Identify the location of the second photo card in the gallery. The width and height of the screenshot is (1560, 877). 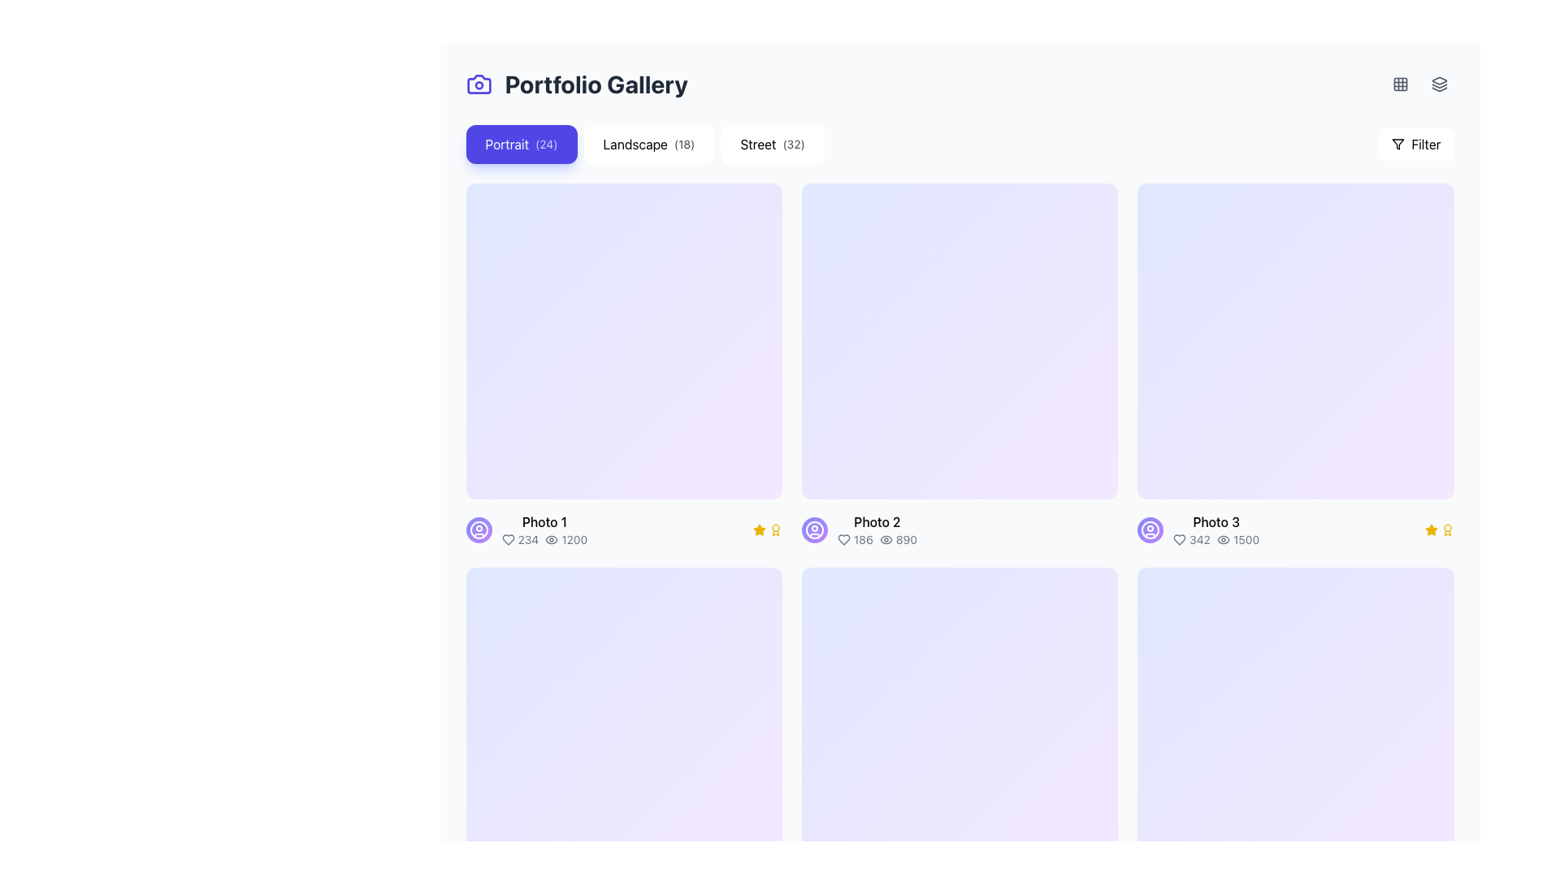
(960, 365).